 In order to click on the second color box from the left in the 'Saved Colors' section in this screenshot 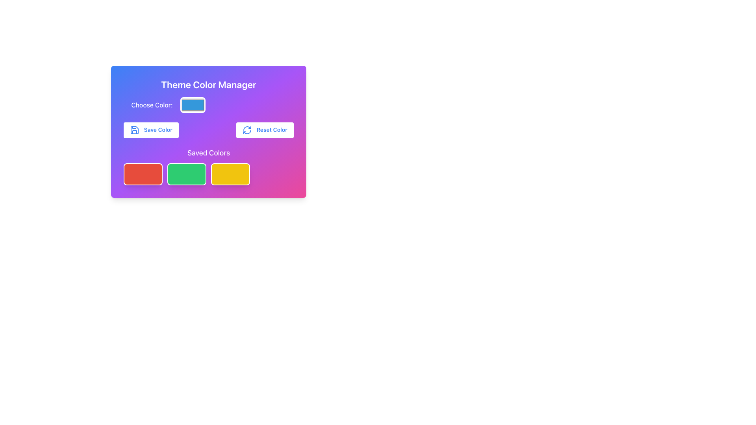, I will do `click(186, 174)`.